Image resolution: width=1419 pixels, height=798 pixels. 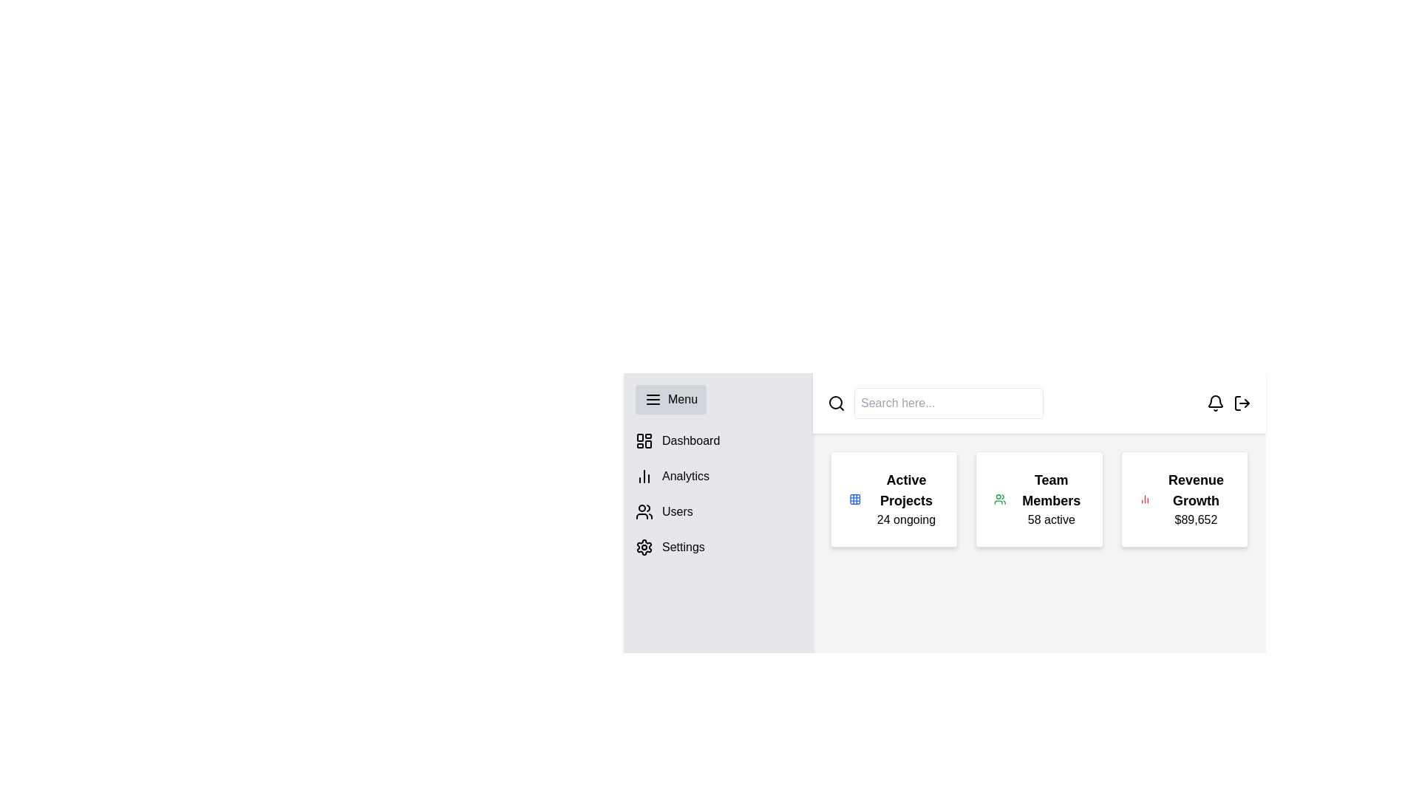 What do you see at coordinates (1196, 499) in the screenshot?
I see `the last informational card displaying the revenue growth metric, located in the central-right portion of the main dashboard interface` at bounding box center [1196, 499].